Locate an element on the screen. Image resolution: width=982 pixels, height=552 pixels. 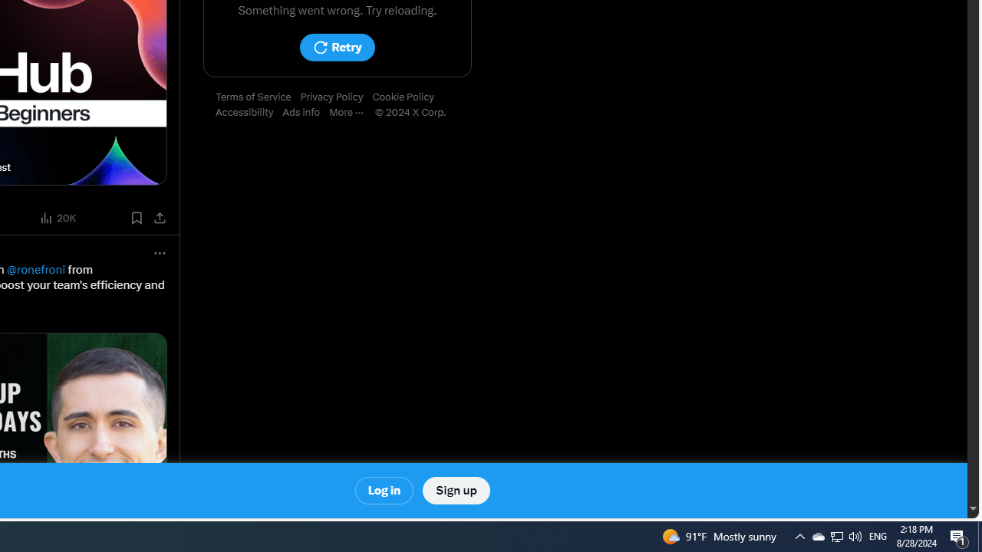
'Ads info' is located at coordinates (306, 112).